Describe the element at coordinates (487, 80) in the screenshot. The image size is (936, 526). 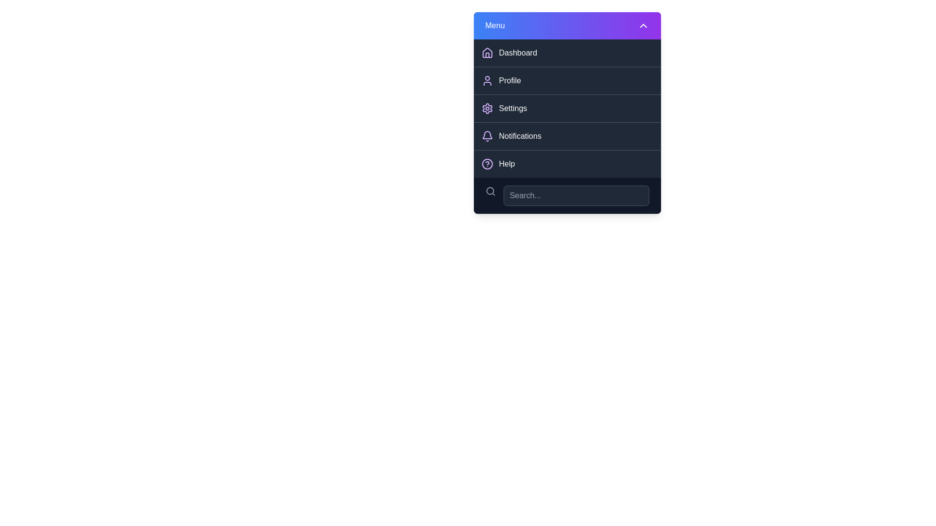
I see `the purple user figure icon next to the 'Profile' text in the menu` at that location.